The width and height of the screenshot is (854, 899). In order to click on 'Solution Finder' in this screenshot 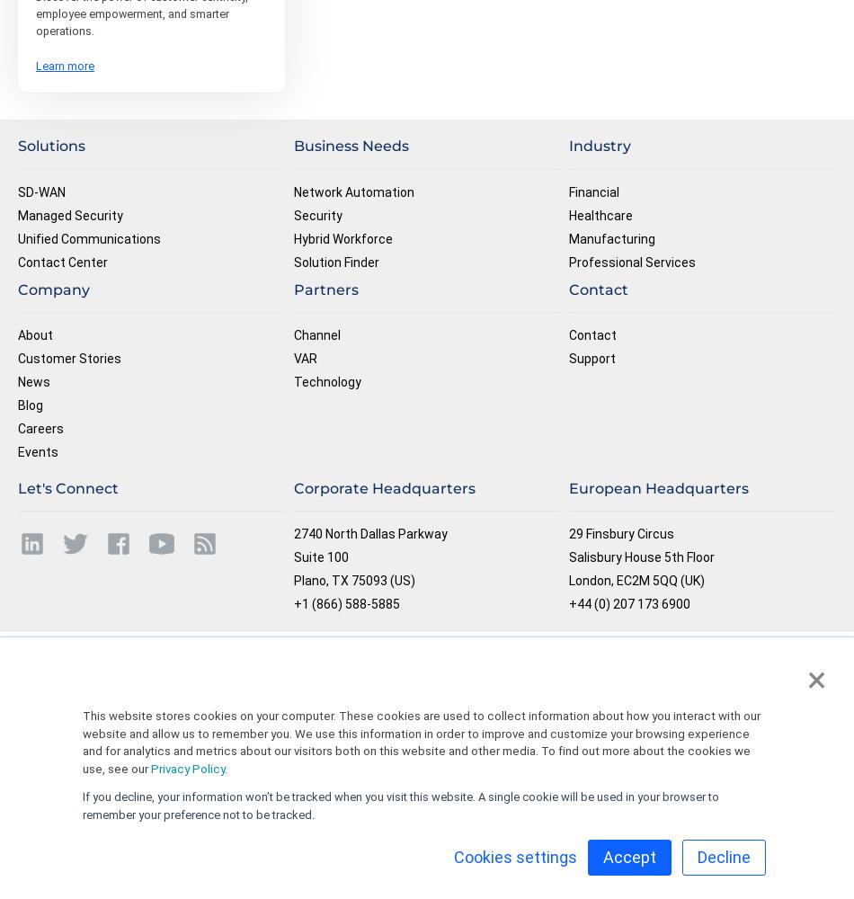, I will do `click(334, 262)`.